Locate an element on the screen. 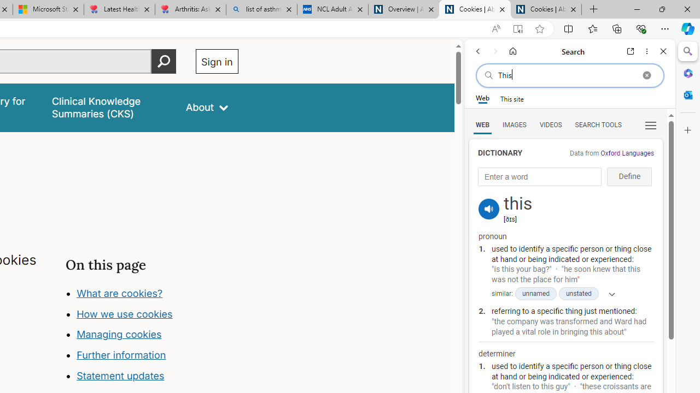  'Statement updates' is located at coordinates (120, 376).